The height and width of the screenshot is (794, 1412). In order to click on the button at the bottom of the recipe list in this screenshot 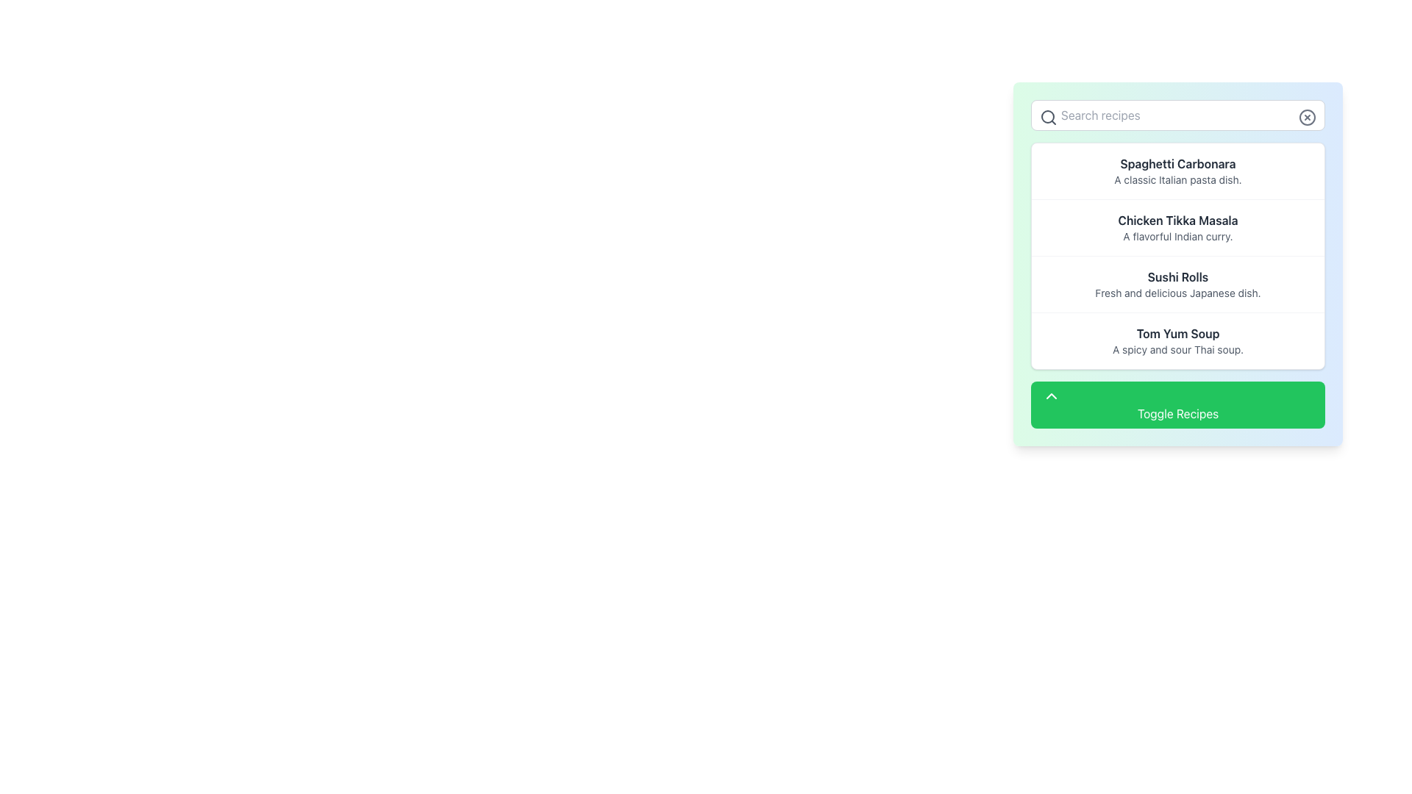, I will do `click(1178, 405)`.